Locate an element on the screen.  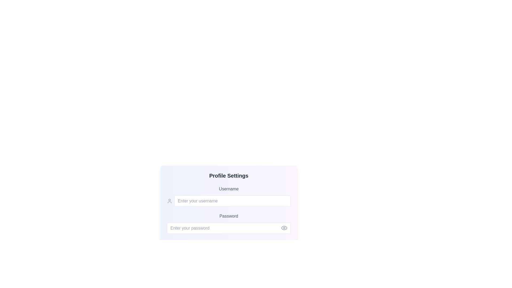
the eye-like icon located to the far right of the 'Password' input field in the 'Profile Settings' panel is located at coordinates (284, 228).